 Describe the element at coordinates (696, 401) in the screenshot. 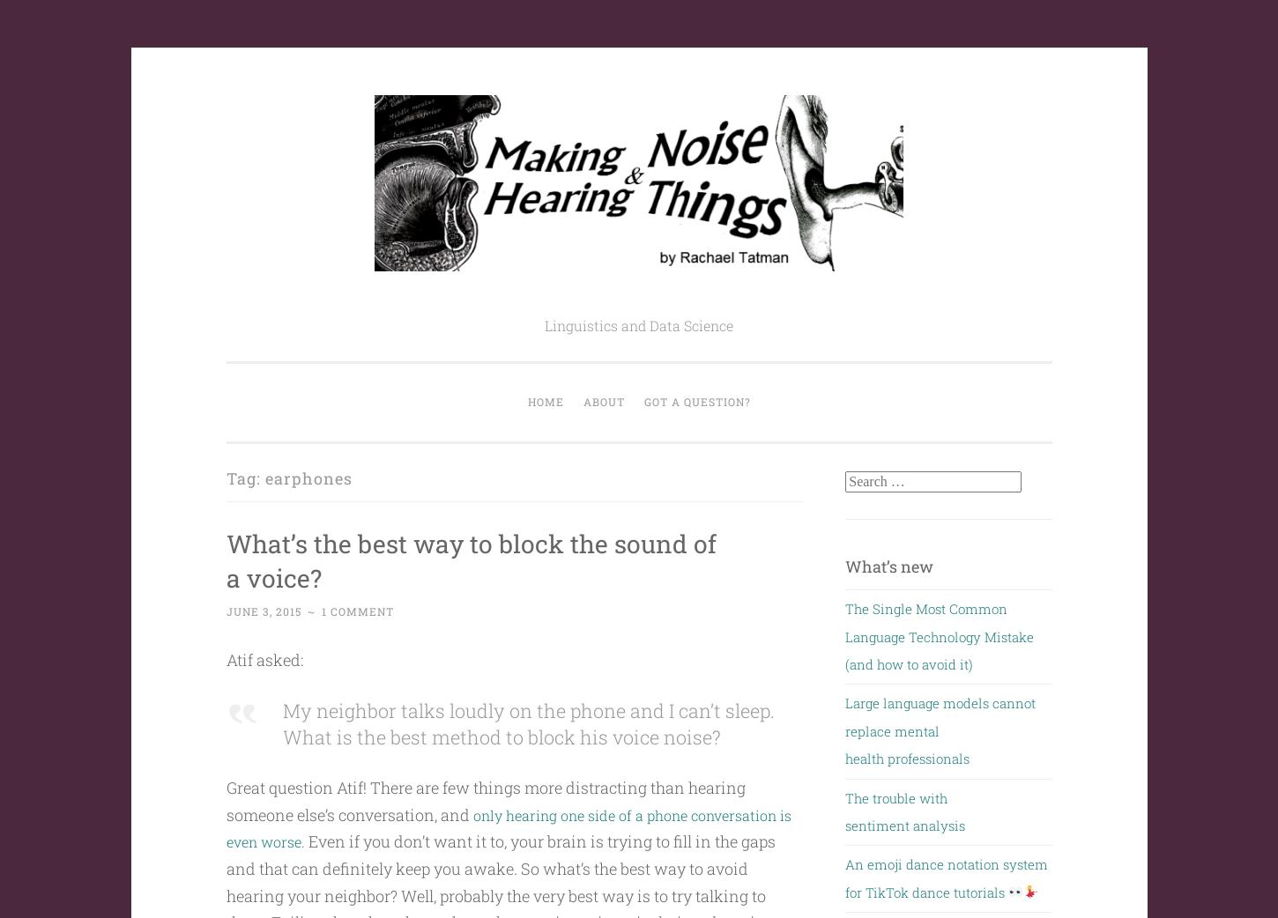

I see `'Got a question?'` at that location.